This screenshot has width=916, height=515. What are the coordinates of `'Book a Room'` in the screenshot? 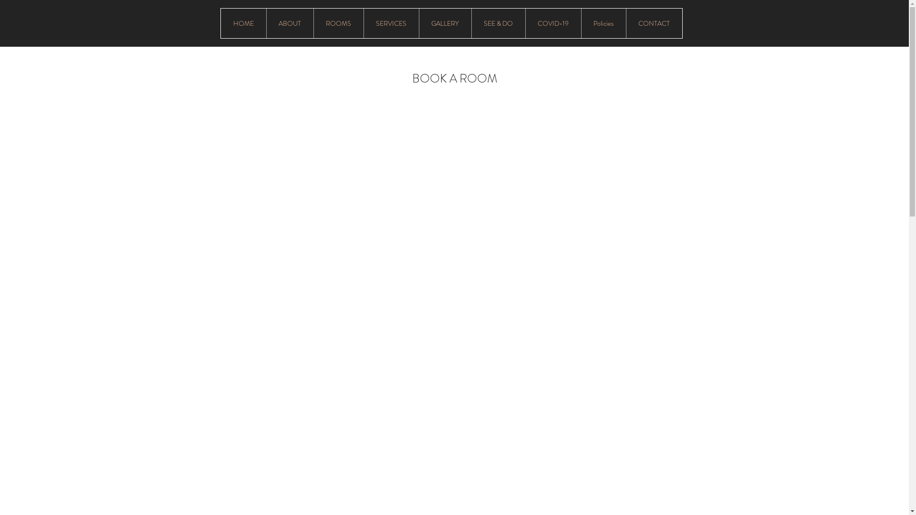 It's located at (657, 70).